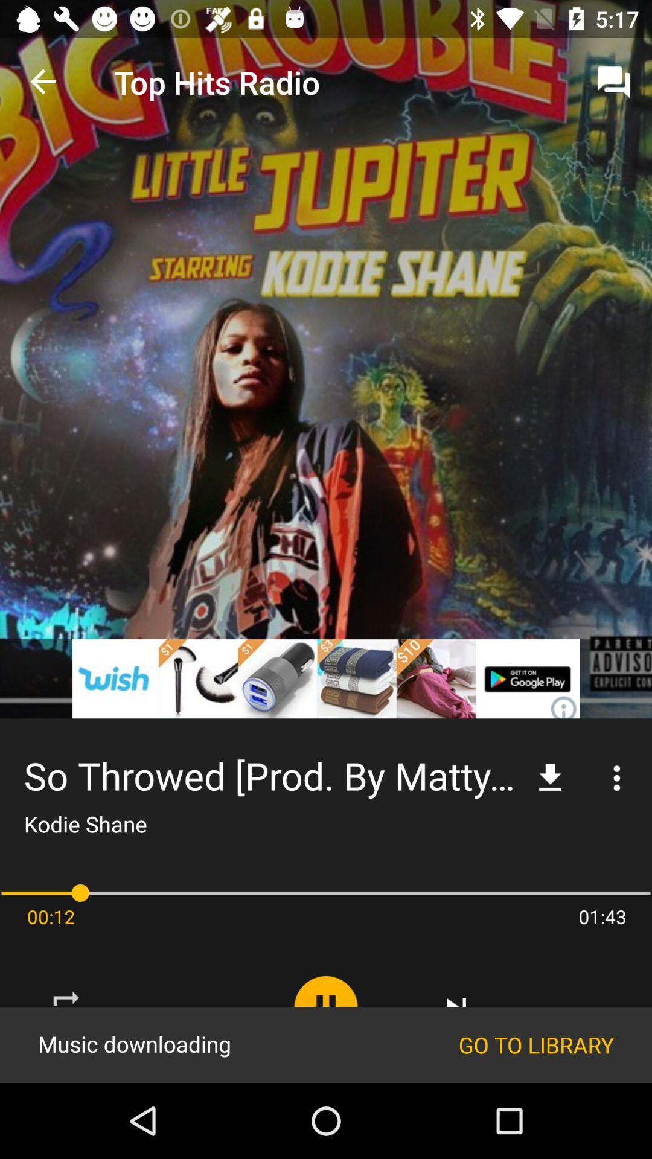 The image size is (652, 1159). I want to click on the more icon, so click(617, 778).